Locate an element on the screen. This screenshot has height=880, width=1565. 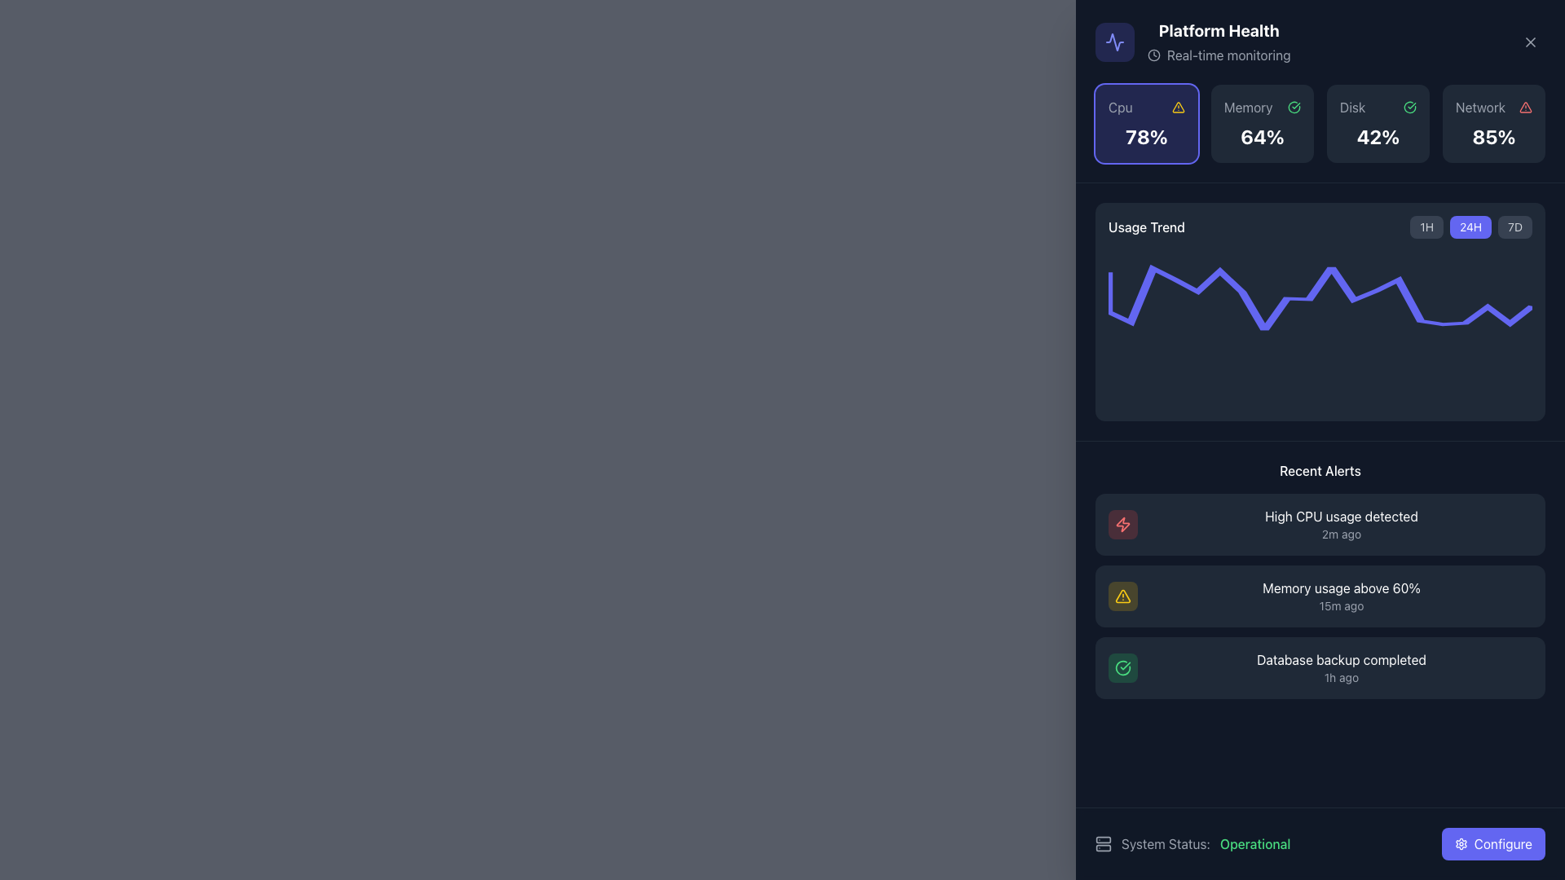
the Static text heading in the Recent Alerts section, which serves as the title for the alert cards located in the lower-right part of the interface is located at coordinates (1320, 471).